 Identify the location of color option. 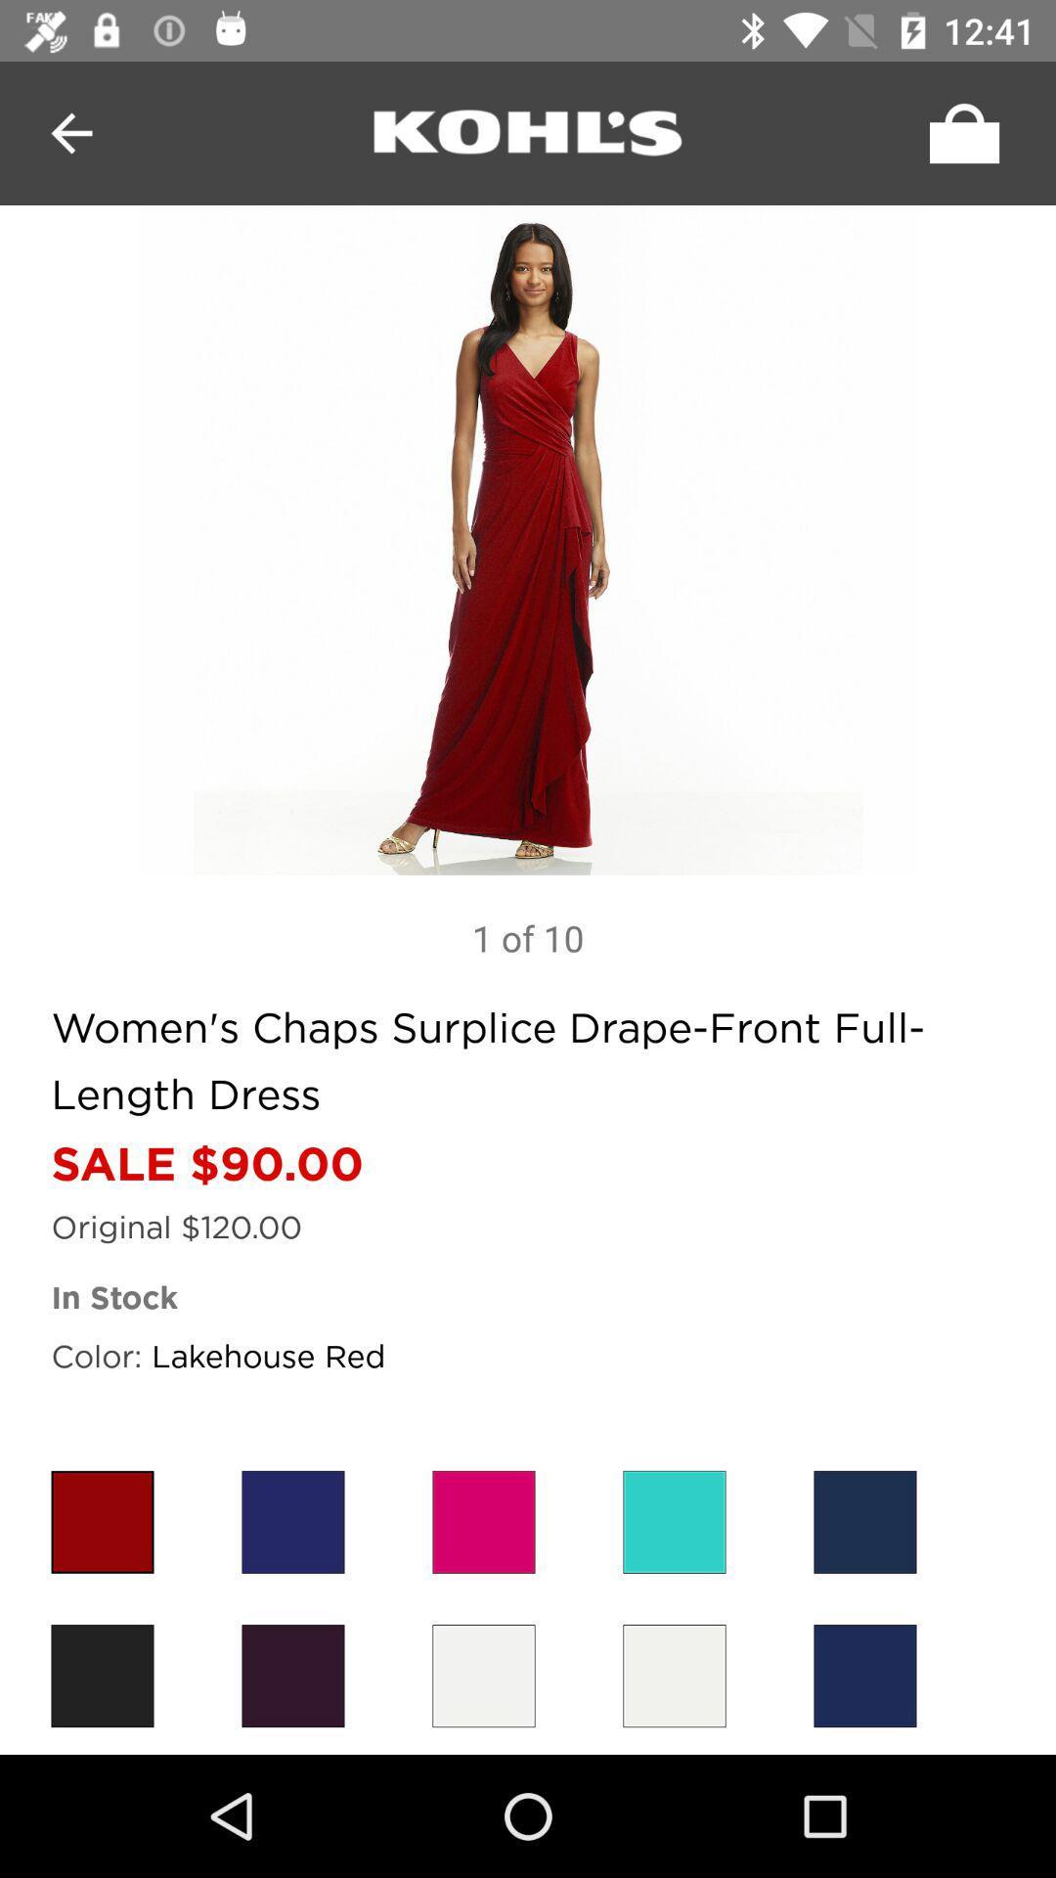
(483, 1521).